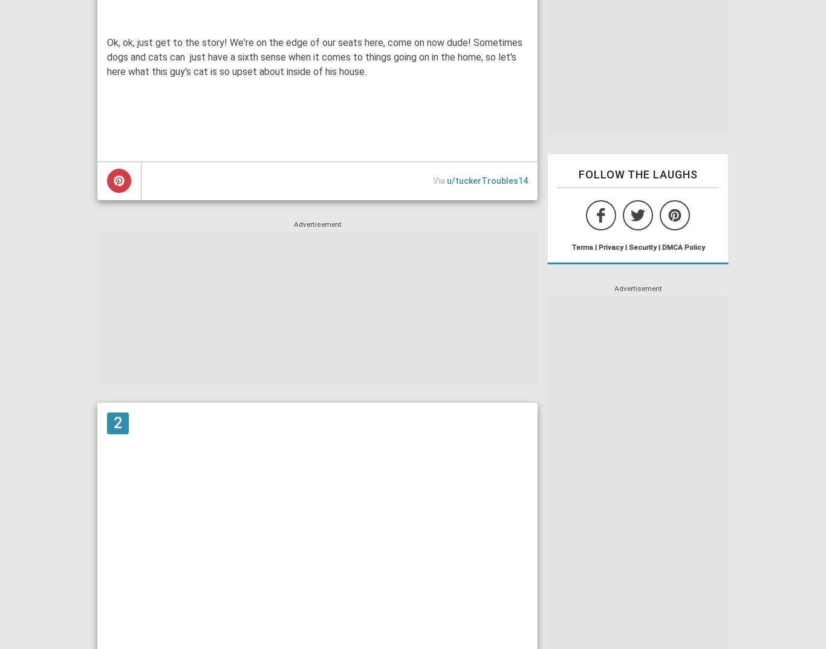 This screenshot has width=826, height=649. I want to click on 'Ok, ok, just get to the story! We're on the edge of our seats here, come on now dude! Sometimes dogs and cats can  just have a sixth sense when it comes to things going on in the home, so let's here what this guy's cat is so upset about inside of his house.', so click(106, 56).